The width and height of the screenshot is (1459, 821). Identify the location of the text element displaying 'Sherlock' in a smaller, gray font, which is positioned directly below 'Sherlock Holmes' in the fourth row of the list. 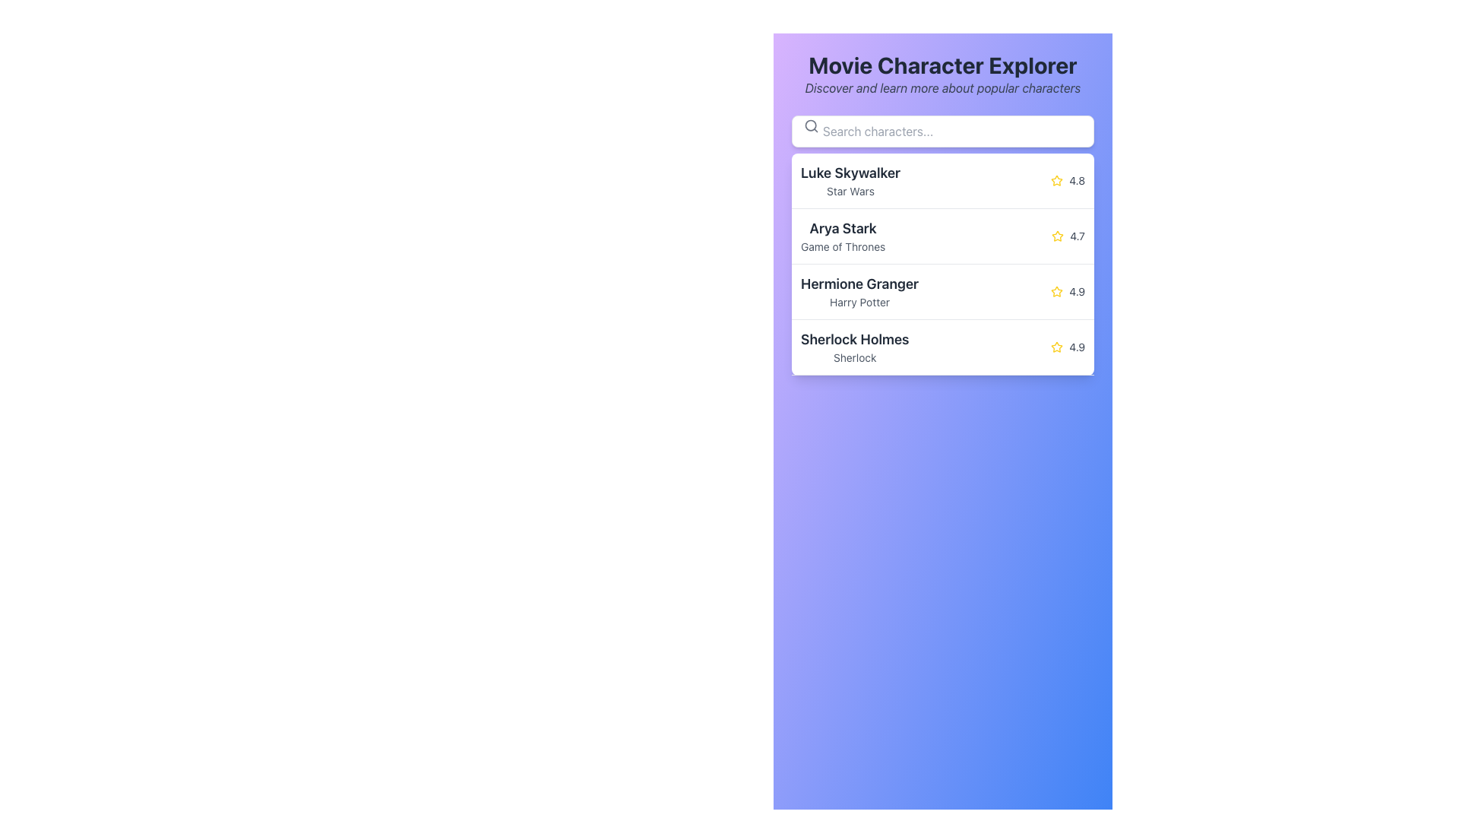
(855, 357).